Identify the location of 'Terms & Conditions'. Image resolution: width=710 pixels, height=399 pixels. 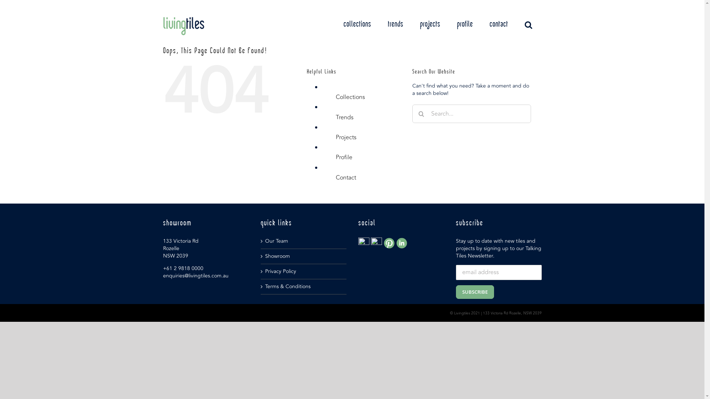
(303, 286).